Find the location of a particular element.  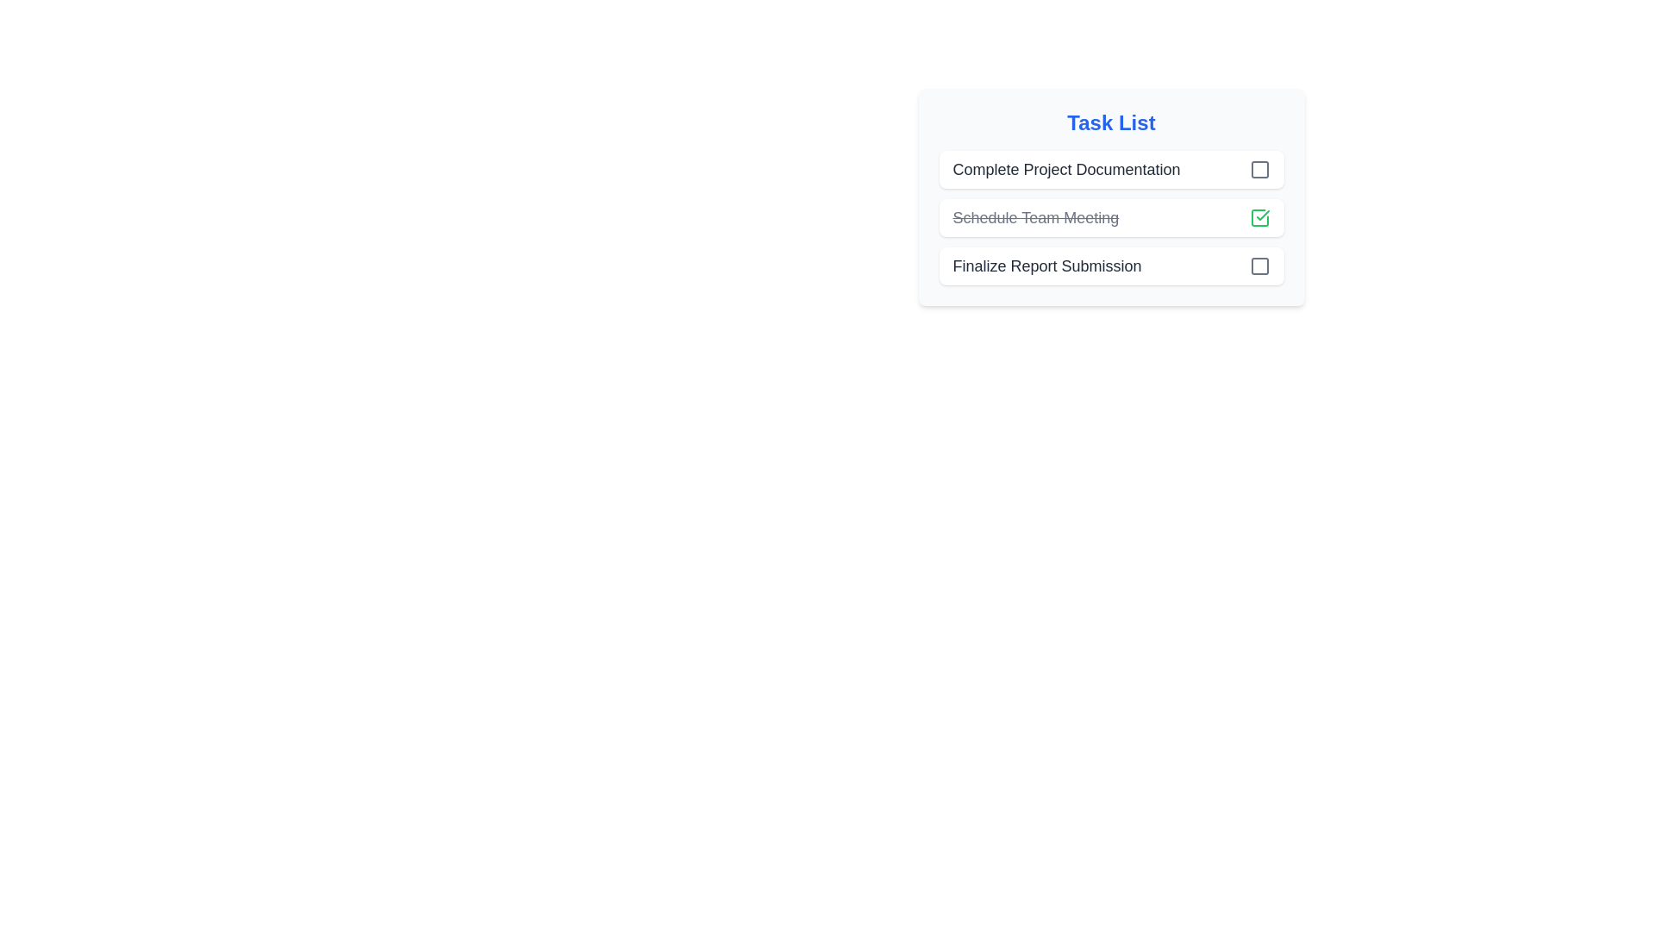

the text label indicating a task item that has a strikethrough, located under the 'Task List' header is located at coordinates (1034, 217).